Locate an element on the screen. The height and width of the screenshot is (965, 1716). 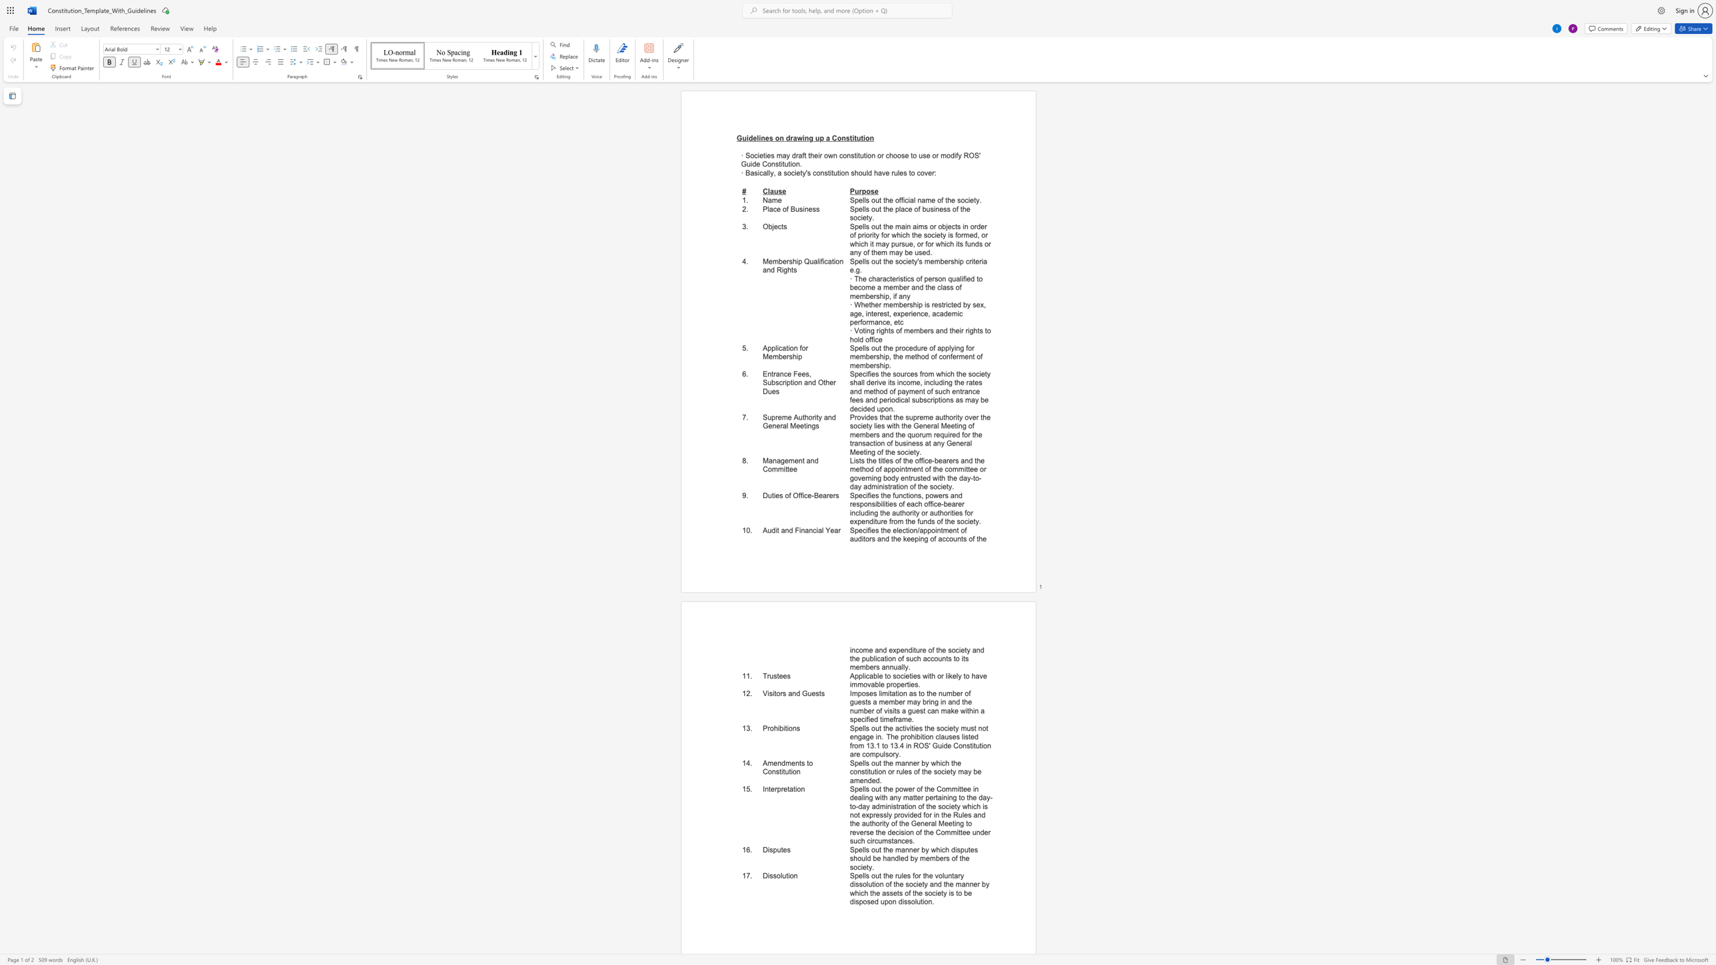
the subset text "election/appointme" within the text "Specifies the election/appointment of auditors and the keeping of accounts of the" is located at coordinates (892, 530).